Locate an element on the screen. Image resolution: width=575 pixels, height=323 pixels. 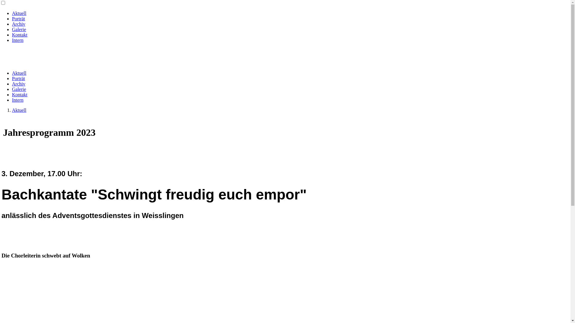
'Aktuell' is located at coordinates (12, 110).